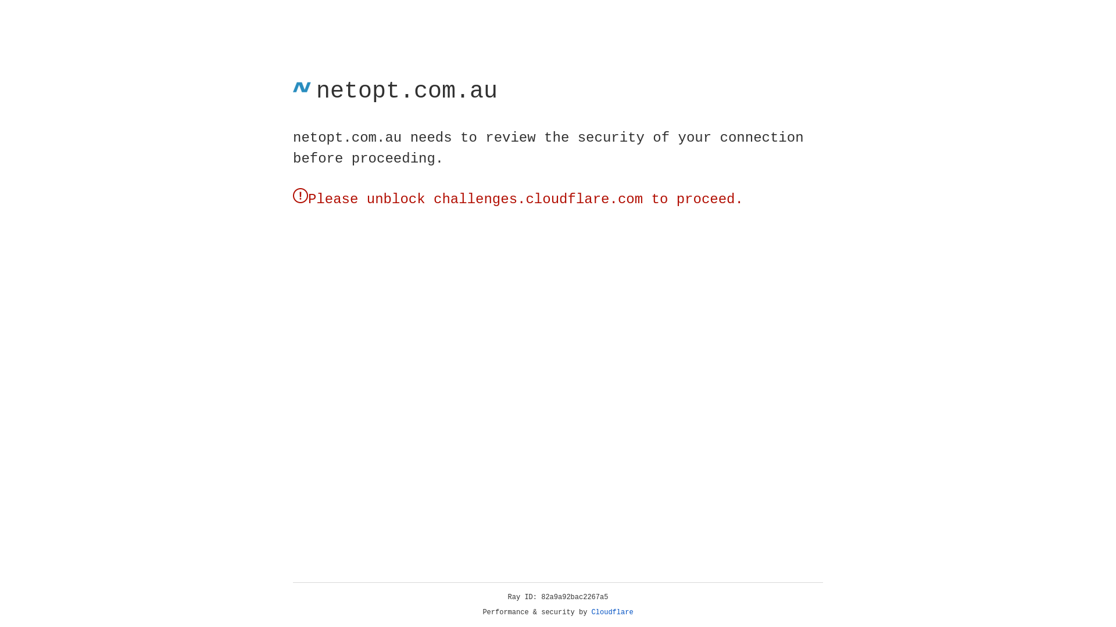 The height and width of the screenshot is (627, 1116). Describe the element at coordinates (612, 612) in the screenshot. I see `'Cloudflare'` at that location.